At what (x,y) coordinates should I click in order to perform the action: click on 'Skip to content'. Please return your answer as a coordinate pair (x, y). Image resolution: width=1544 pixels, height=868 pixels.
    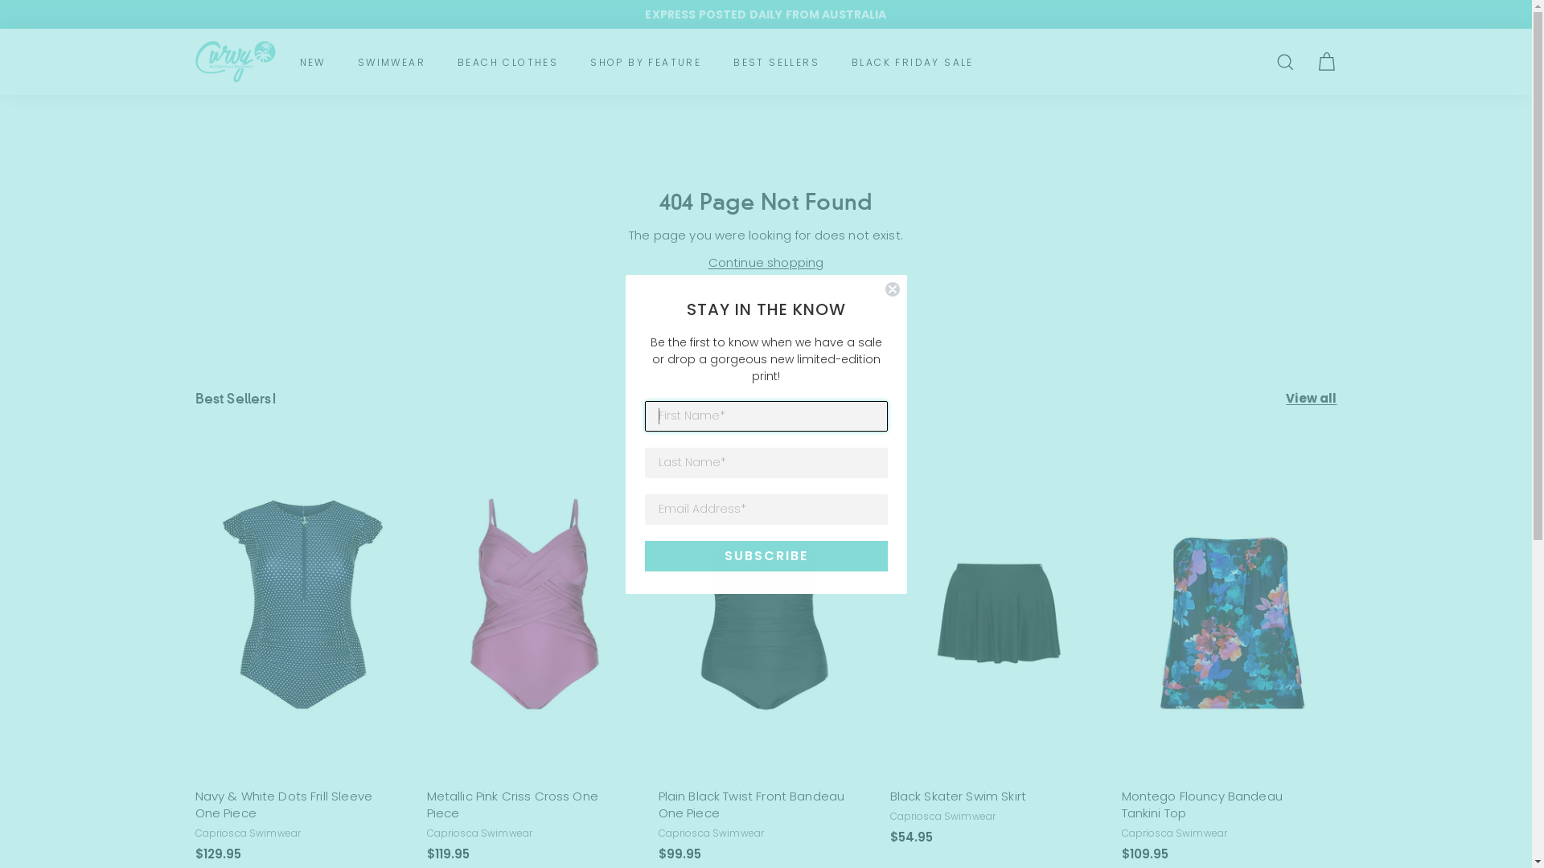
    Looking at the image, I should click on (0, 0).